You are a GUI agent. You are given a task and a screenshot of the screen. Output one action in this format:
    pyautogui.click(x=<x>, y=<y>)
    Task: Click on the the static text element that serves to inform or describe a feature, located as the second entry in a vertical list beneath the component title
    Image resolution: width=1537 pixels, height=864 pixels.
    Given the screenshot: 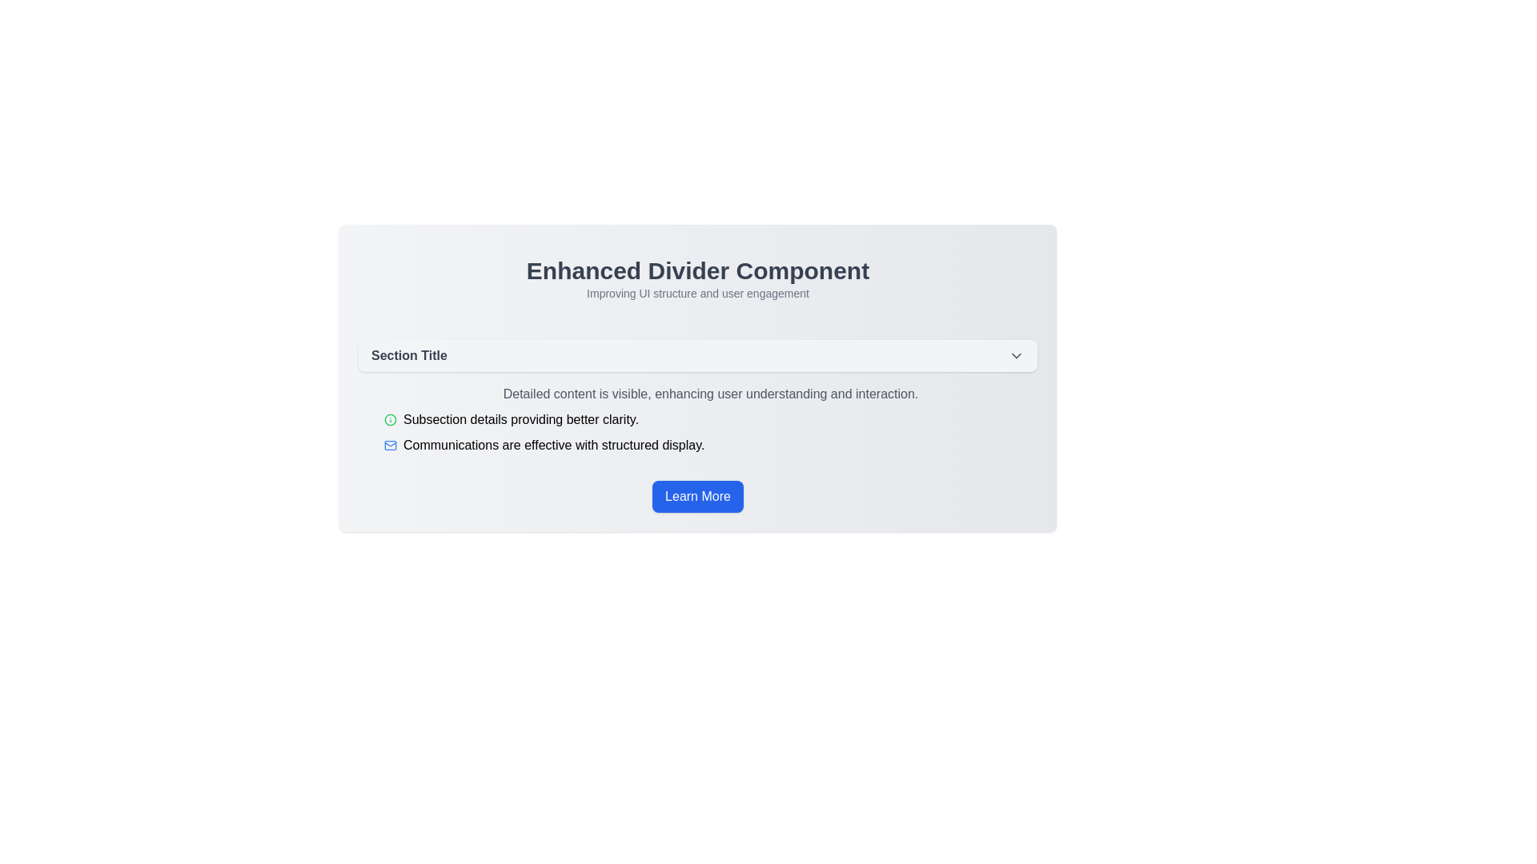 What is the action you would take?
    pyautogui.click(x=554, y=445)
    